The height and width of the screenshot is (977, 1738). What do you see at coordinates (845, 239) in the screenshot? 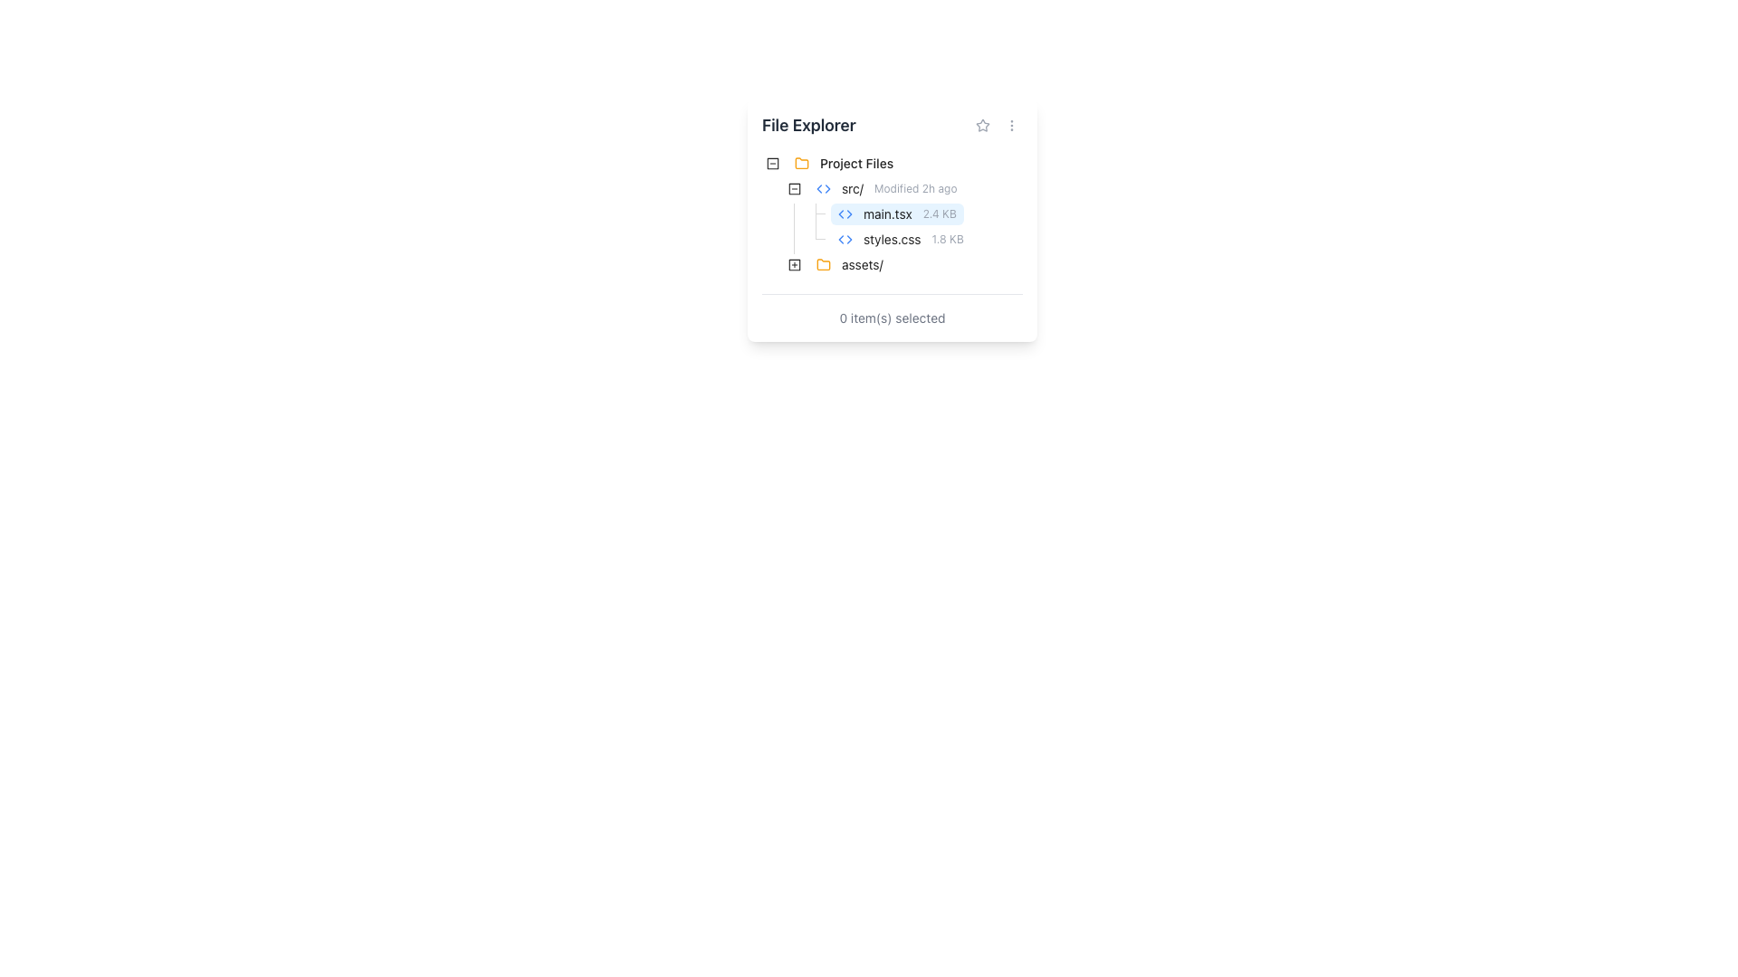
I see `the icon indicating the 'styles.css' file in the file explorer interface, which is positioned immediately to the left of the file name and file size text` at bounding box center [845, 239].